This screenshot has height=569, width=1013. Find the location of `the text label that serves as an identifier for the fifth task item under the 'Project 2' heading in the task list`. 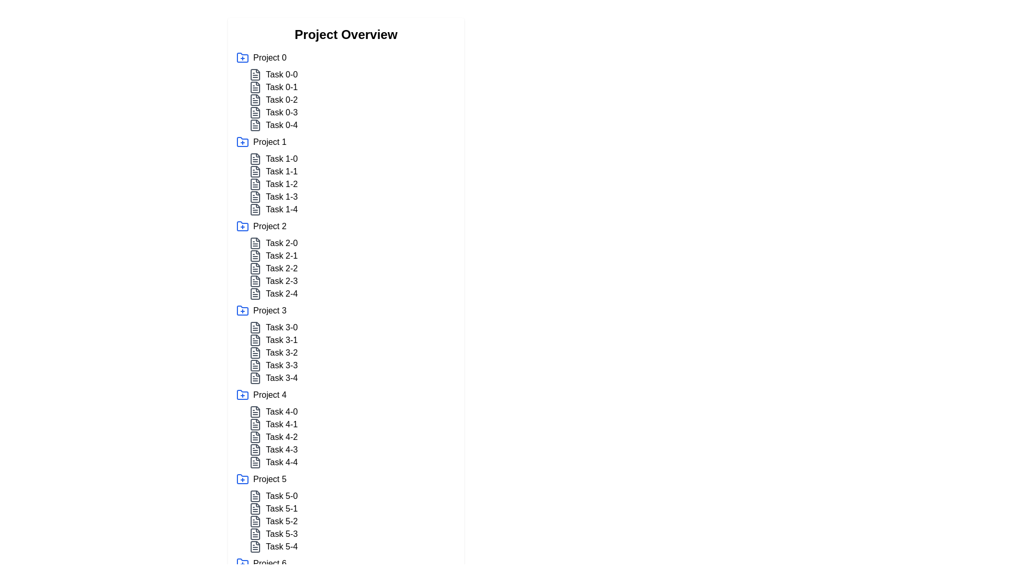

the text label that serves as an identifier for the fifth task item under the 'Project 2' heading in the task list is located at coordinates (282, 294).